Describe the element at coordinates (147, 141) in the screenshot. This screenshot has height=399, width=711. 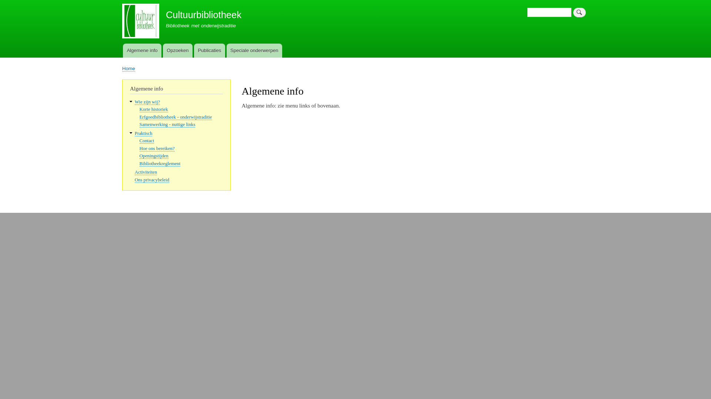
I see `'Contact'` at that location.